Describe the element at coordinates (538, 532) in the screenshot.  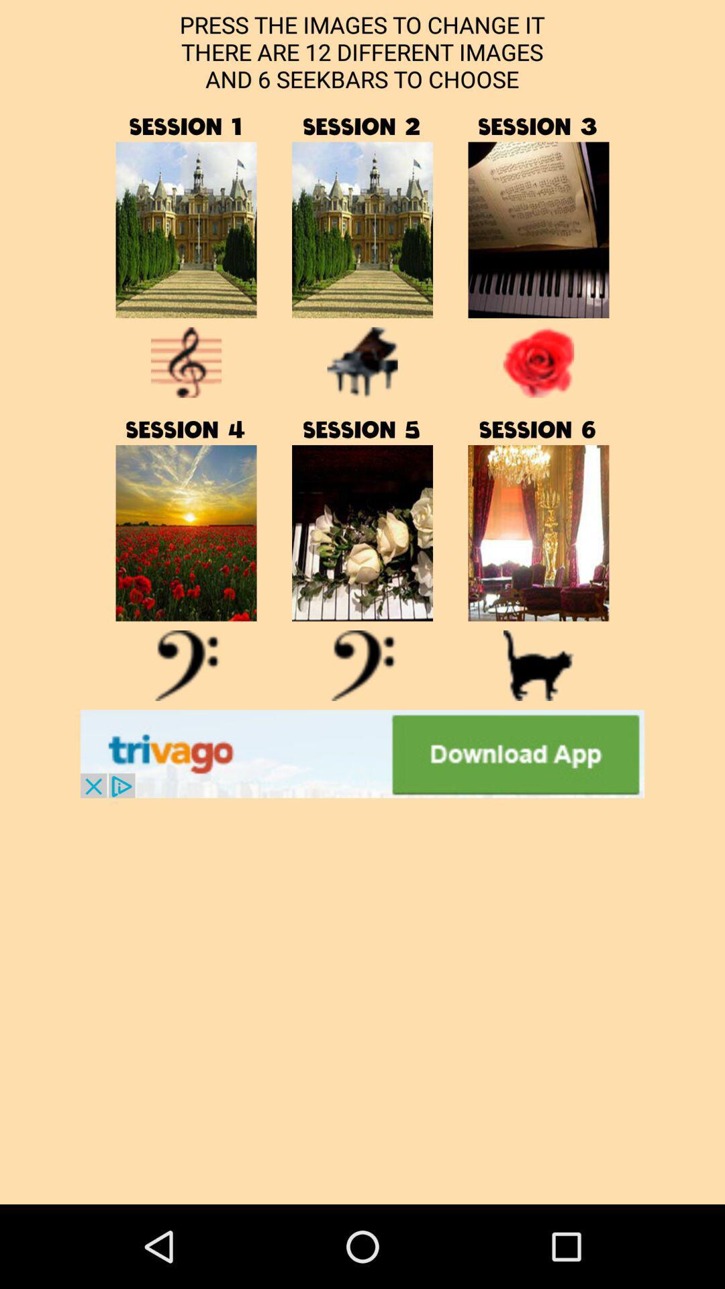
I see `a link to a directory` at that location.